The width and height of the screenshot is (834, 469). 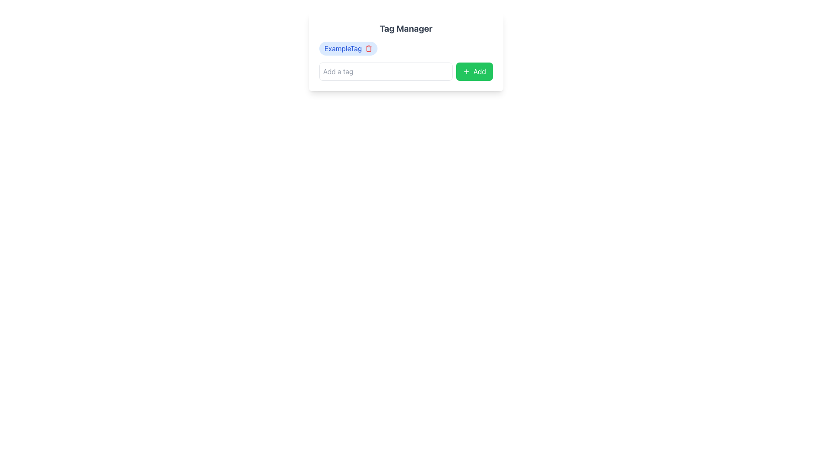 What do you see at coordinates (474, 71) in the screenshot?
I see `the green 'Add' button with a plus icon located in the 'Tag Manager' section` at bounding box center [474, 71].